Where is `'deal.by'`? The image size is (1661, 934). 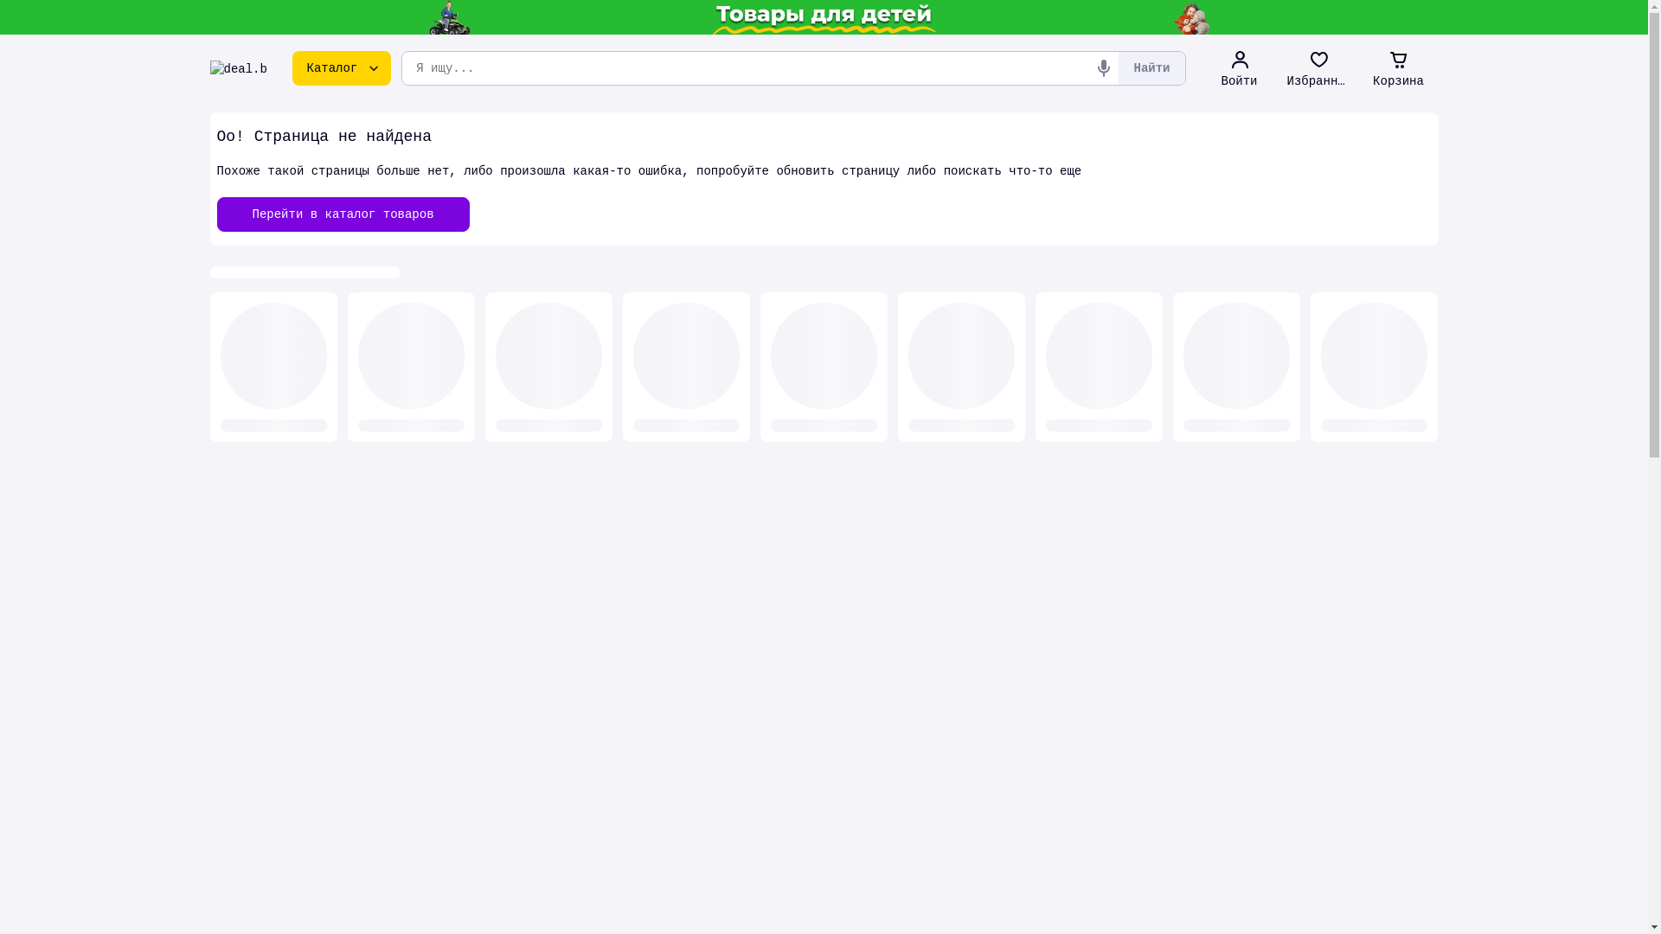 'deal.by' is located at coordinates (237, 67).